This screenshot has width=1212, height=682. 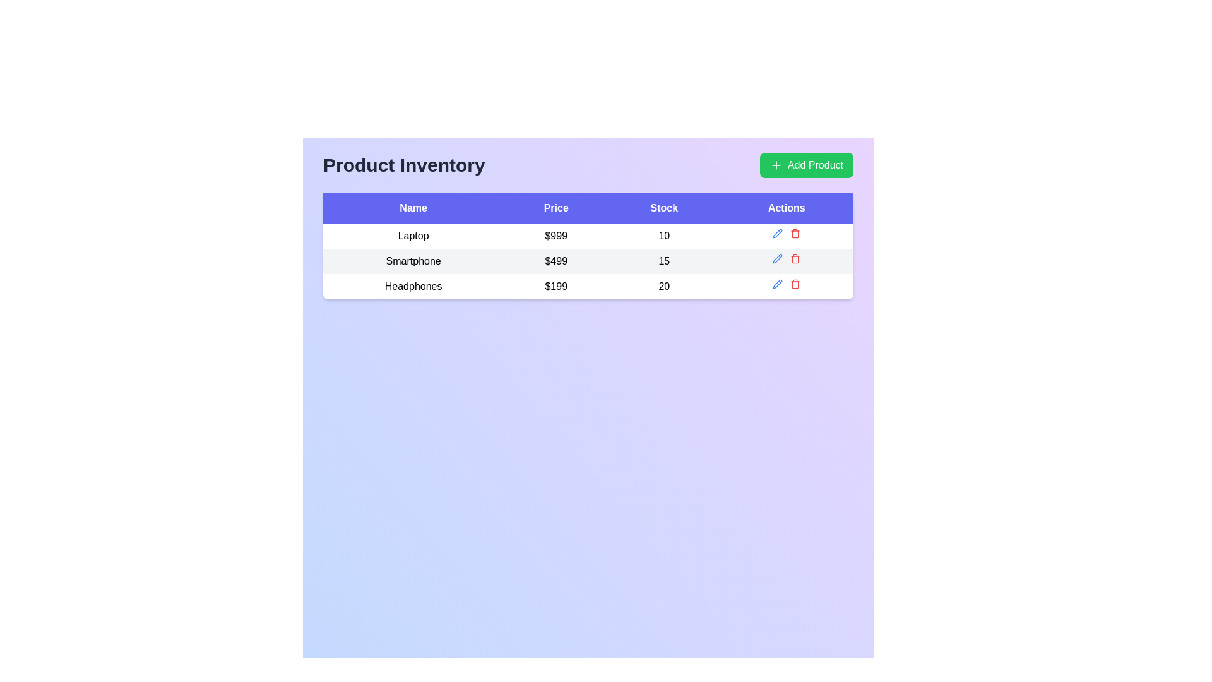 What do you see at coordinates (786, 234) in the screenshot?
I see `the icons within the Action Group for the 'Laptop' product located in the rightmost column of the first row` at bounding box center [786, 234].